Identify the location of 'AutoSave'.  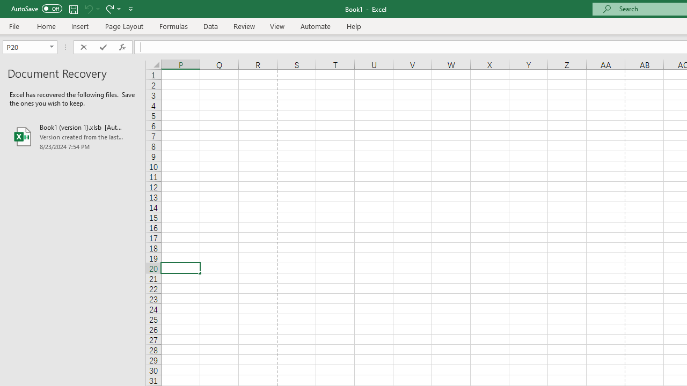
(36, 9).